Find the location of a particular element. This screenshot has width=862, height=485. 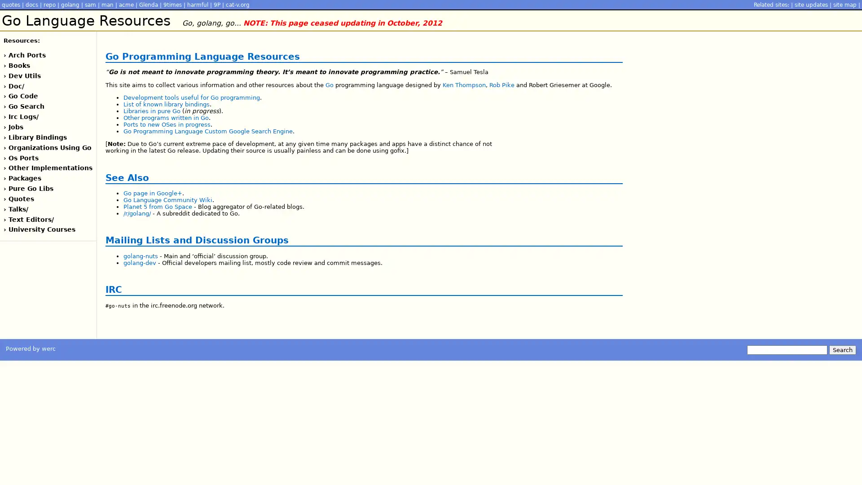

Search is located at coordinates (842, 349).